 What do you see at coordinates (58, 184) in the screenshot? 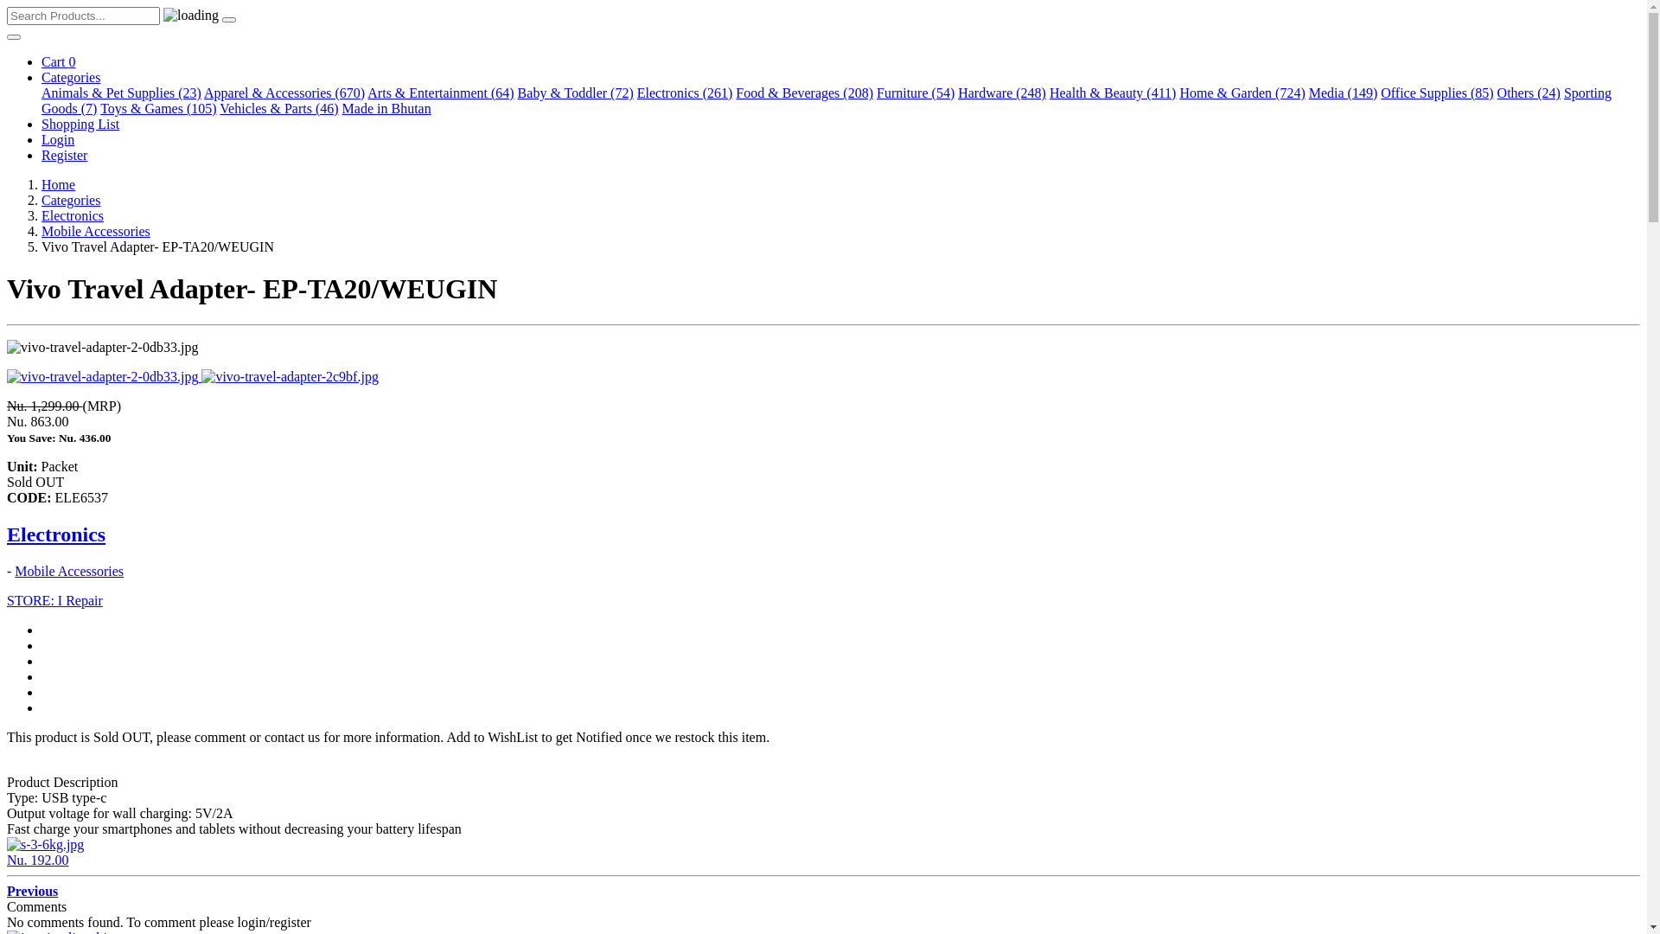
I see `'Home'` at bounding box center [58, 184].